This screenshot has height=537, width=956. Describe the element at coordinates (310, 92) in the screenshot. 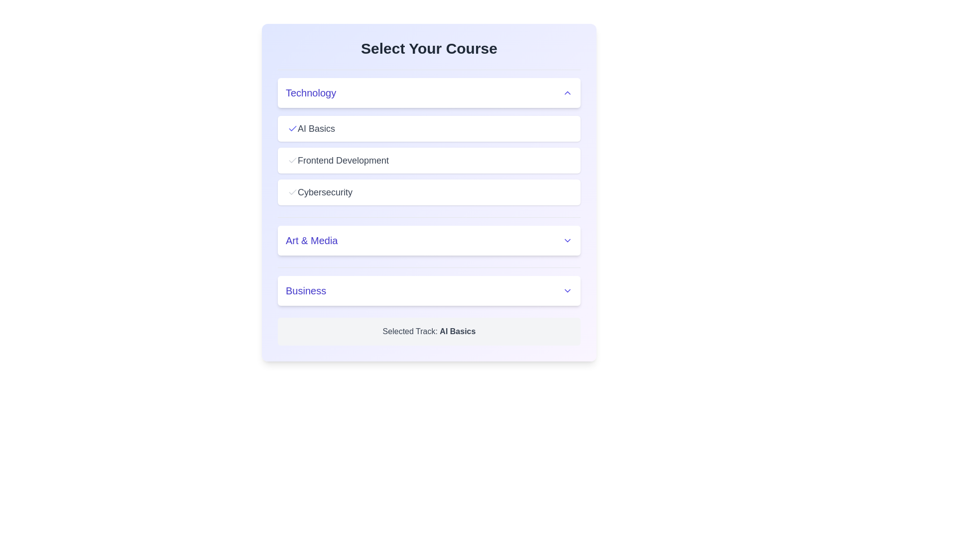

I see `the prominent text label reading 'Technology' styled in larger size with bold weight and indigo color, located at the top section of the 'Select Your Course' interface` at that location.